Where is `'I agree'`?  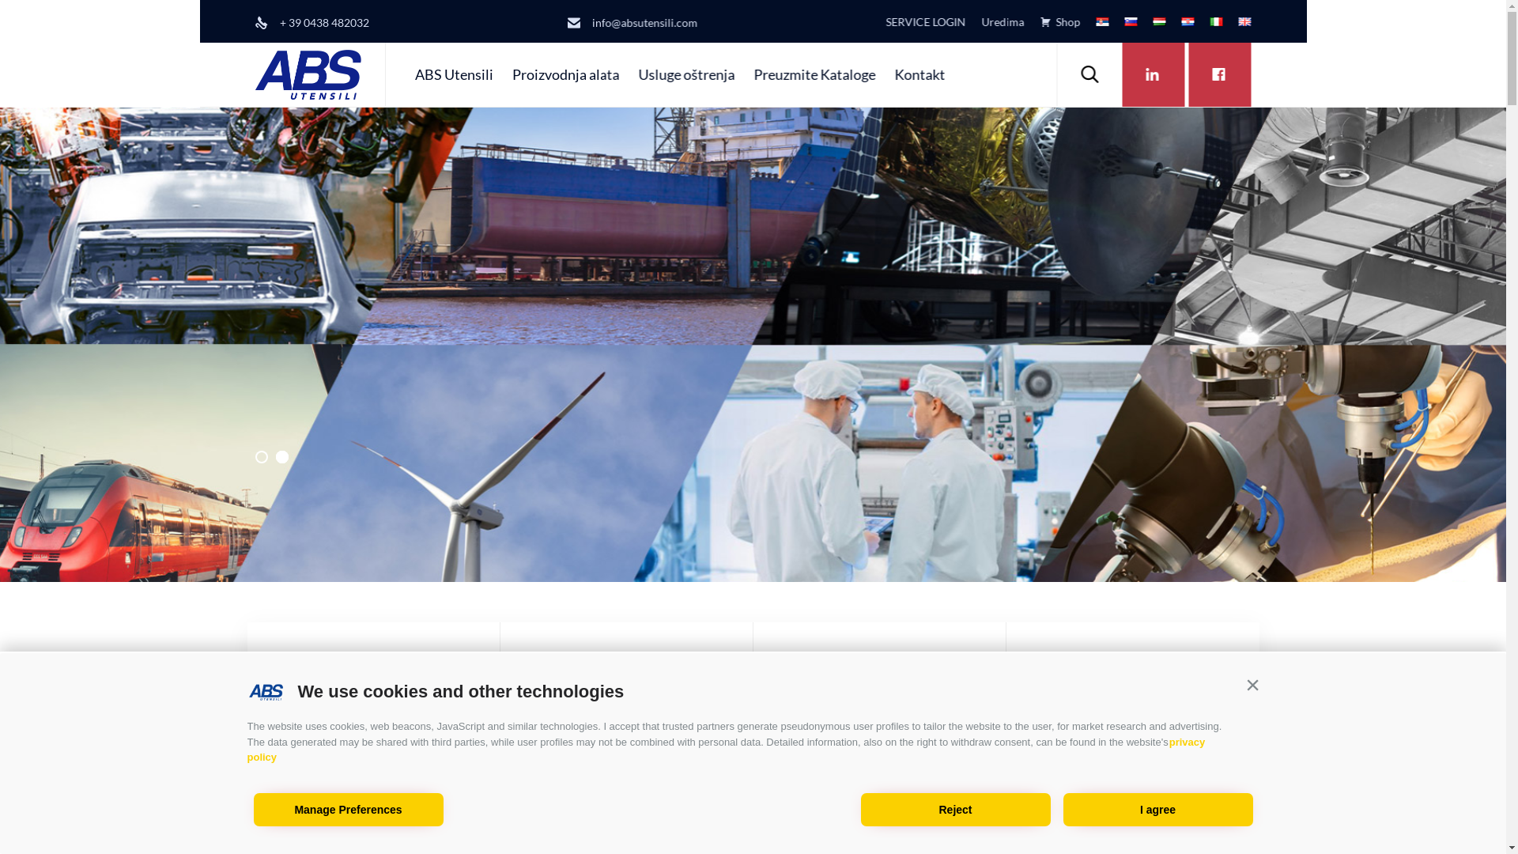 'I agree' is located at coordinates (1157, 809).